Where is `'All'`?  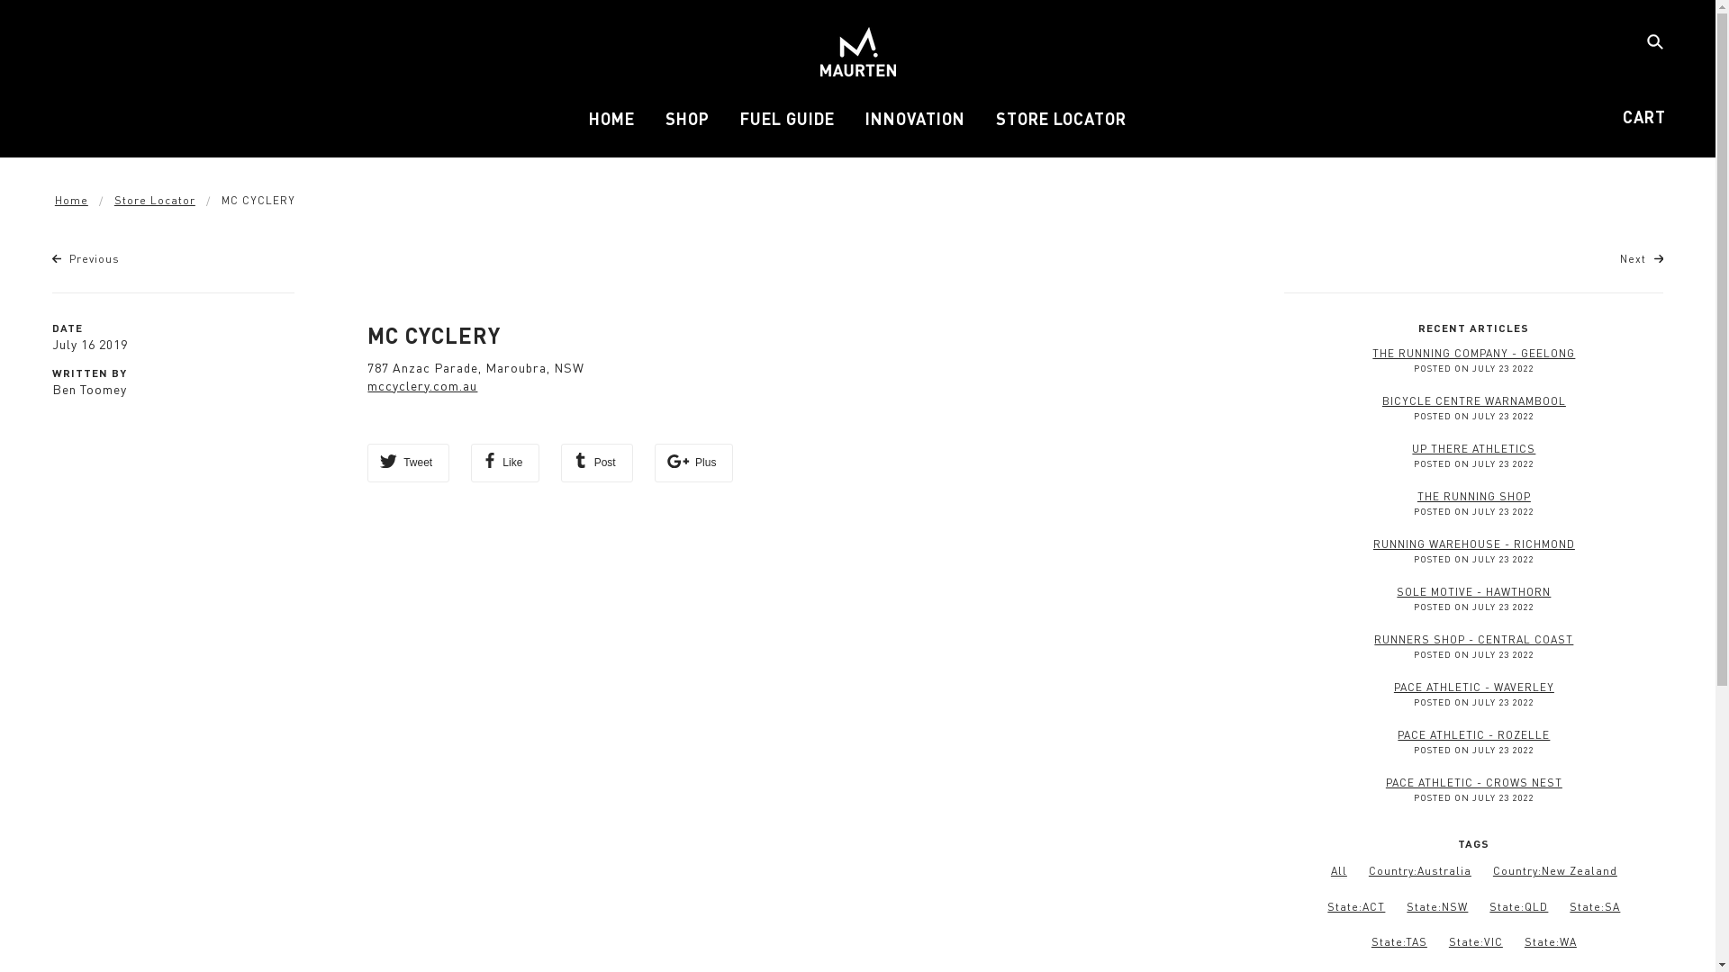
'All' is located at coordinates (1331, 870).